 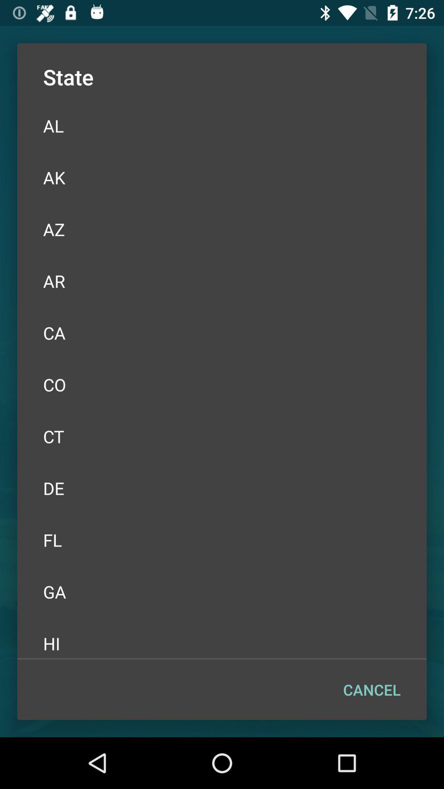 I want to click on the item below the ct, so click(x=222, y=488).